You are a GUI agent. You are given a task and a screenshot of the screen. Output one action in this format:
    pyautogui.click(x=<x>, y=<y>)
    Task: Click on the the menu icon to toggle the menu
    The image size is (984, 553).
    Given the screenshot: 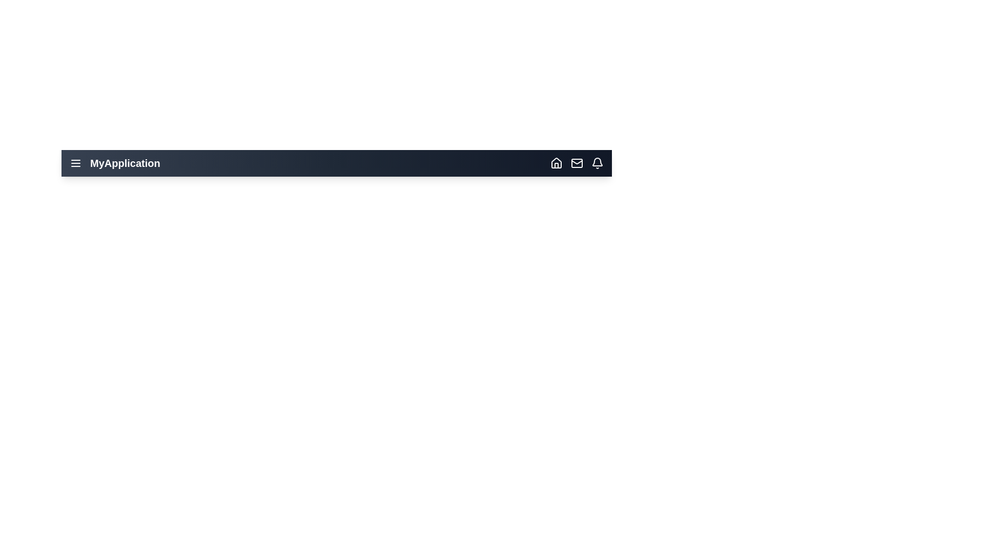 What is the action you would take?
    pyautogui.click(x=75, y=163)
    